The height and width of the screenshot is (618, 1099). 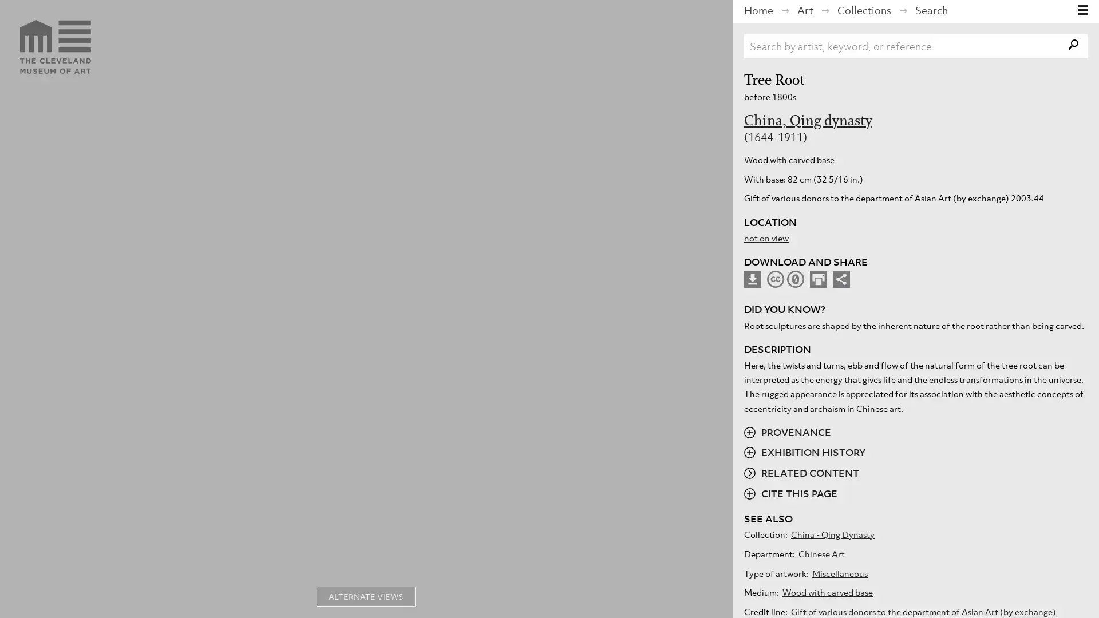 I want to click on search, so click(x=1073, y=46).